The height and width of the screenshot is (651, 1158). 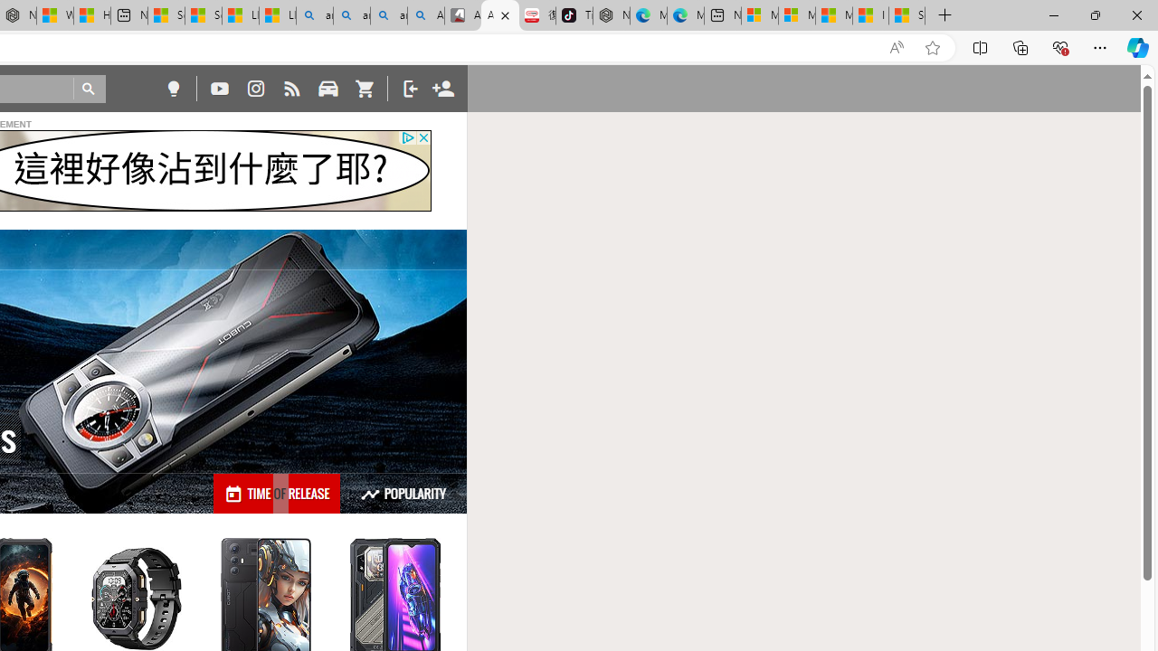 I want to click on 'I Gained 20 Pounds of Muscle in 30 Days! | Watch', so click(x=870, y=15).